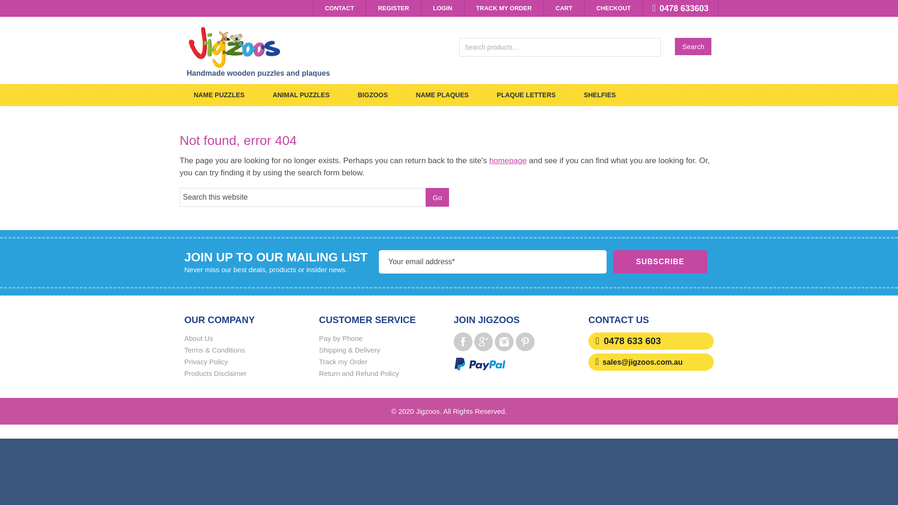 The image size is (898, 505). Describe the element at coordinates (693, 46) in the screenshot. I see `'Search'` at that location.